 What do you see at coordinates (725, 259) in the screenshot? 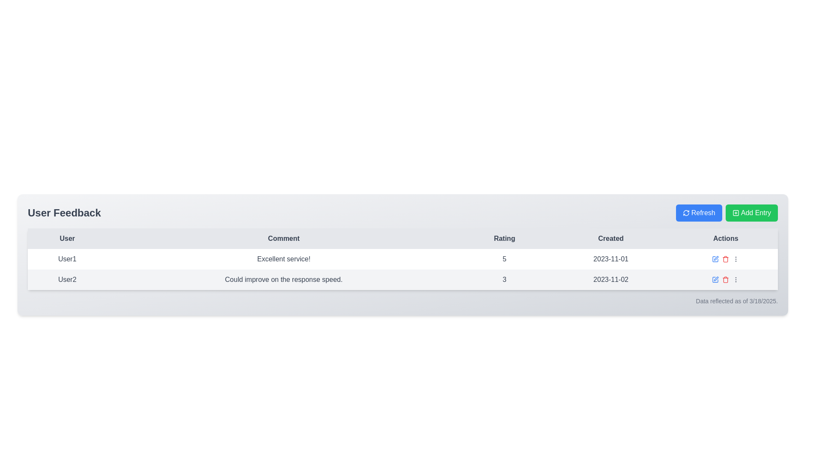
I see `the trash icon element located in the 'Actions' column of the second row of the feedback table, which visually represents a delete action` at bounding box center [725, 259].